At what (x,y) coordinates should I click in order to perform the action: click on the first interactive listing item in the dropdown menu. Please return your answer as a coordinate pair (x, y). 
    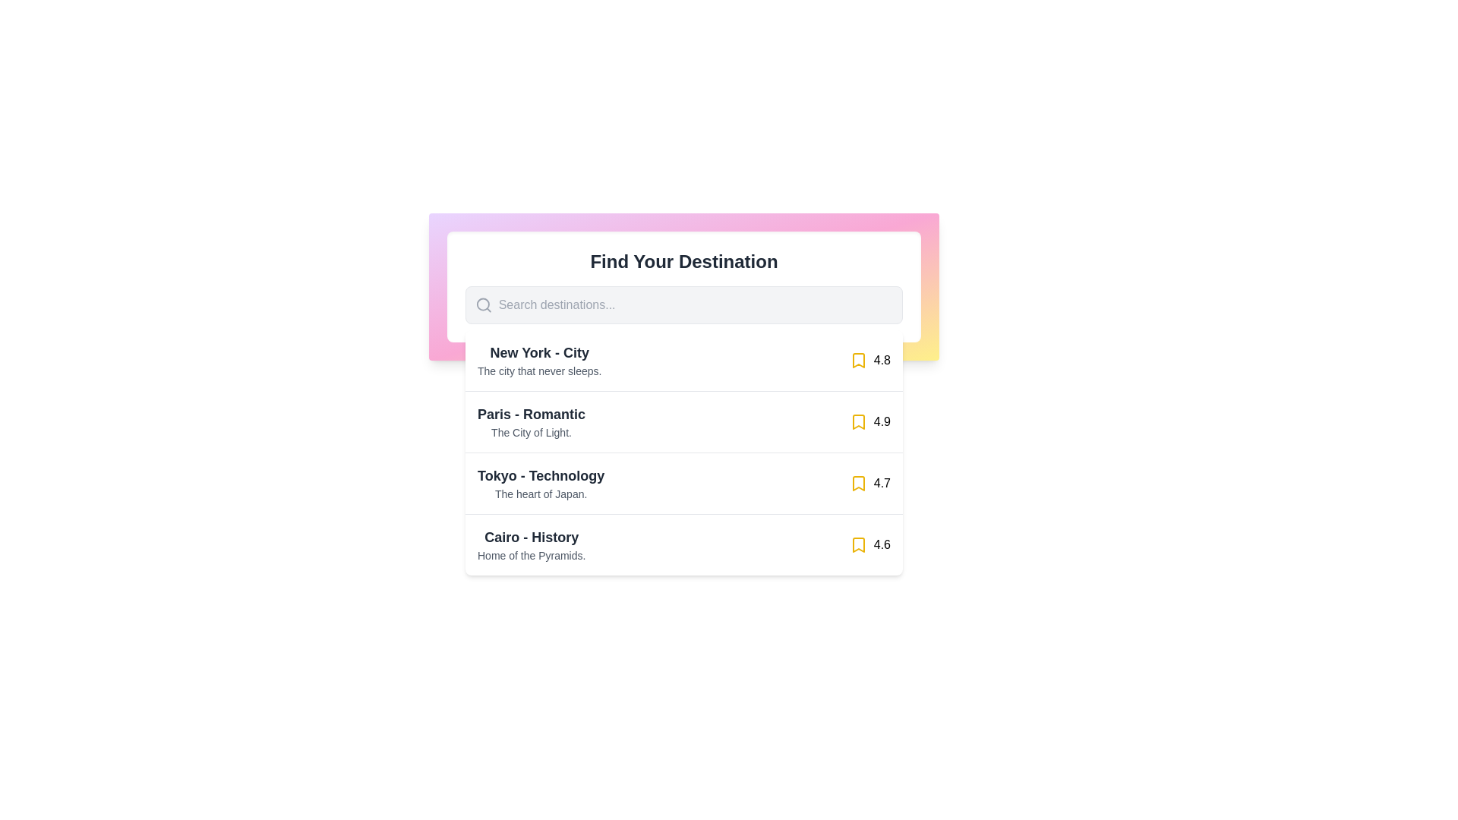
    Looking at the image, I should click on (683, 360).